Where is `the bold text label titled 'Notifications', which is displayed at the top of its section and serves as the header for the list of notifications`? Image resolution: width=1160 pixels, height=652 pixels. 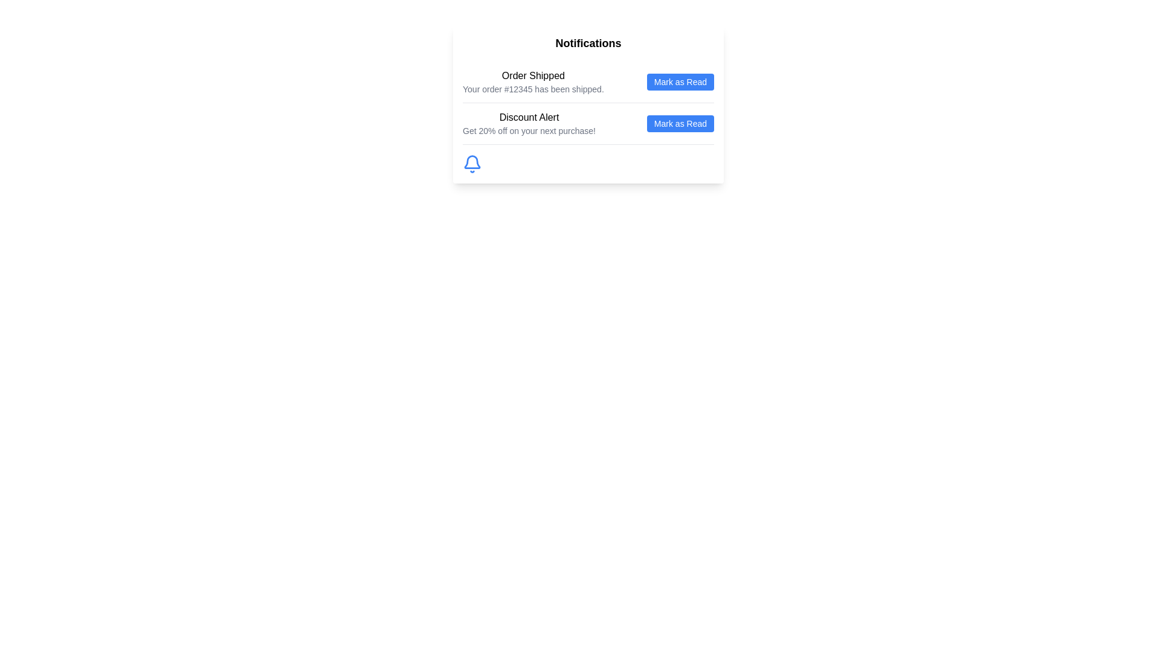
the bold text label titled 'Notifications', which is displayed at the top of its section and serves as the header for the list of notifications is located at coordinates (588, 43).